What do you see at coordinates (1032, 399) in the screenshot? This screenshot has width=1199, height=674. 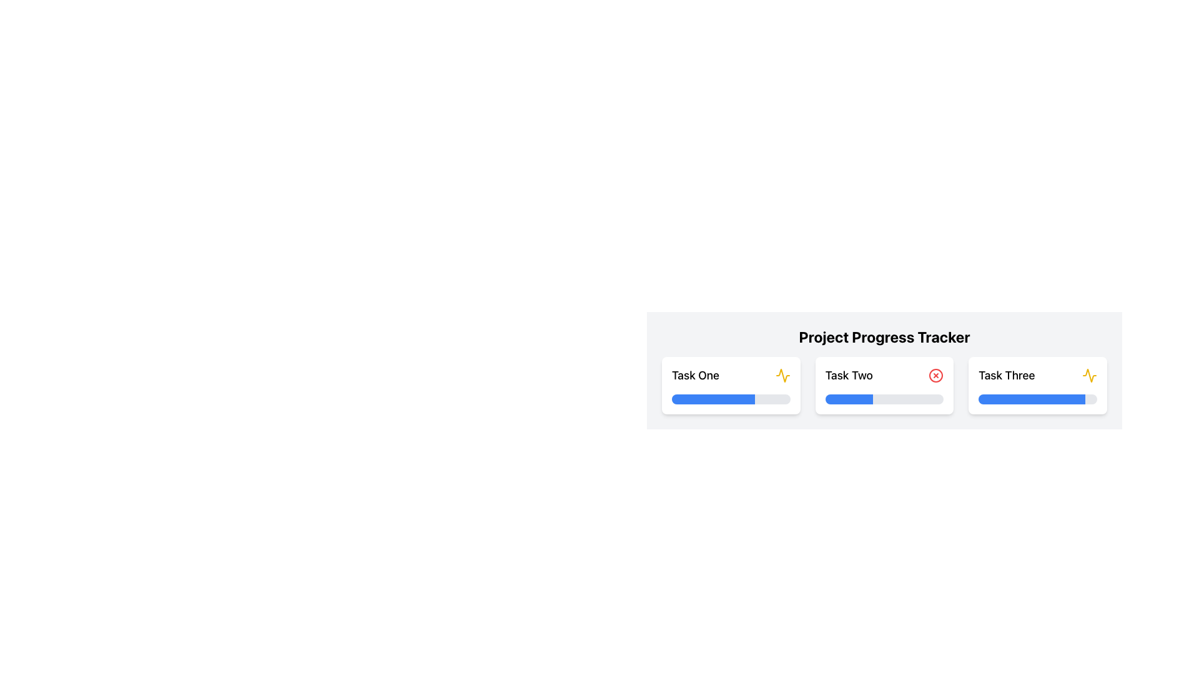 I see `the blue horizontal progress bar that is filled approximately 90% and located under the label 'Task Three' in the progress tracker layout` at bounding box center [1032, 399].